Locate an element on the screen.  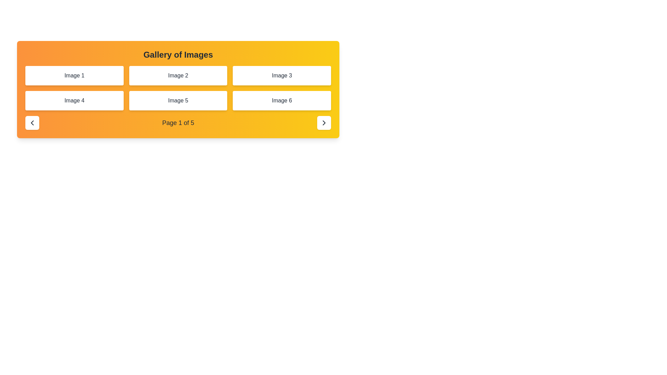
the Text Display element that indicates the current page and total pages in the pagination section of the 'Gallery of Images' is located at coordinates (178, 123).